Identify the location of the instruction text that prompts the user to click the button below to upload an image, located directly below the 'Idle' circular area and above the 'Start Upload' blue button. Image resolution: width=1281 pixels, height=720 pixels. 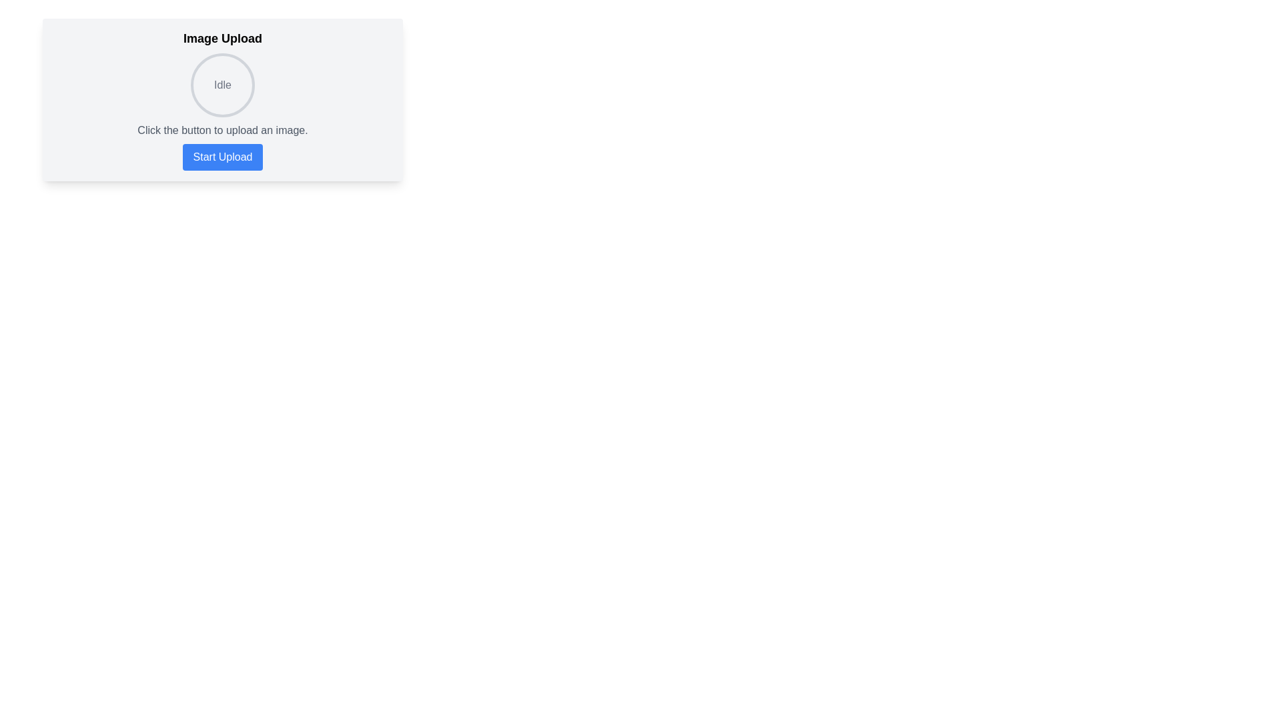
(223, 131).